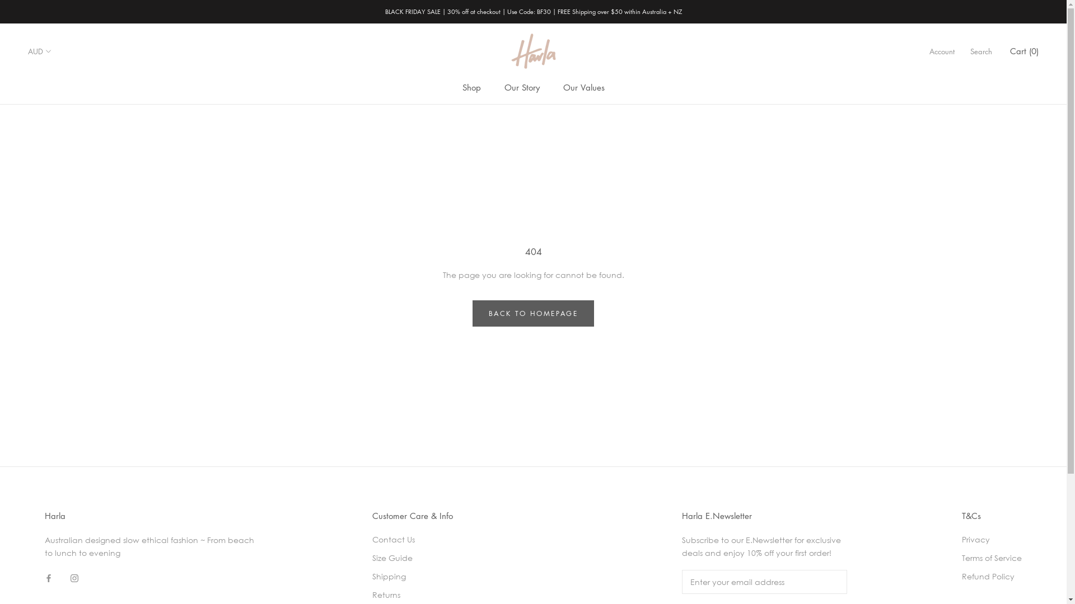 The width and height of the screenshot is (1075, 604). Describe the element at coordinates (473, 313) in the screenshot. I see `'BACK TO HOMEPAGE'` at that location.